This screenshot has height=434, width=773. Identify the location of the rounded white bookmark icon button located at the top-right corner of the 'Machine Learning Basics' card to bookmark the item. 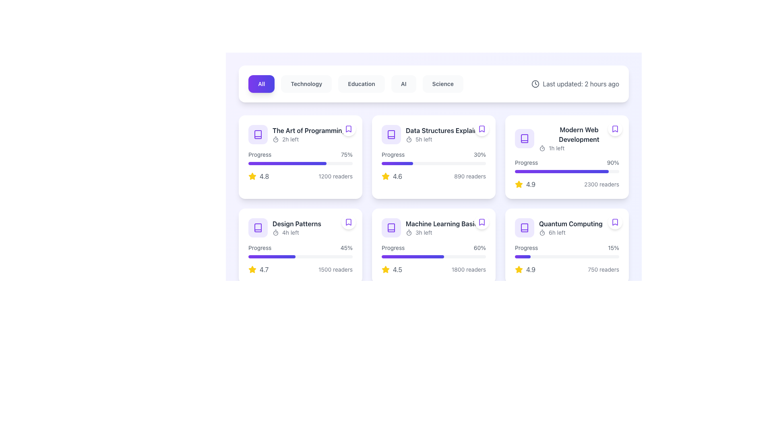
(482, 222).